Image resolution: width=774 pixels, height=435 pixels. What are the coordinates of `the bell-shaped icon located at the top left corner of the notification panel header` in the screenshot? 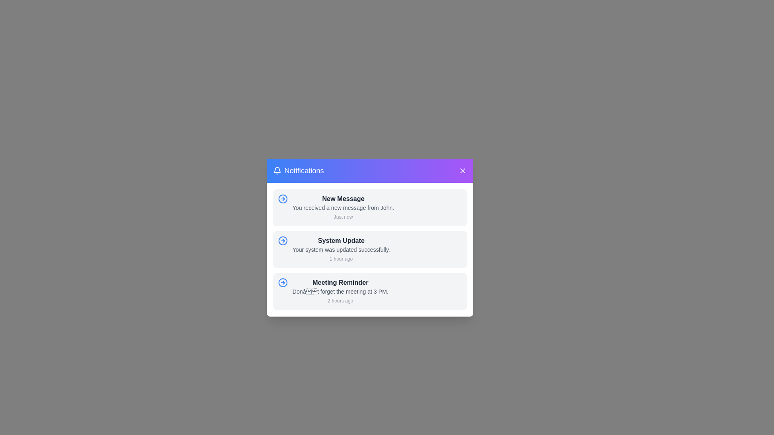 It's located at (277, 170).